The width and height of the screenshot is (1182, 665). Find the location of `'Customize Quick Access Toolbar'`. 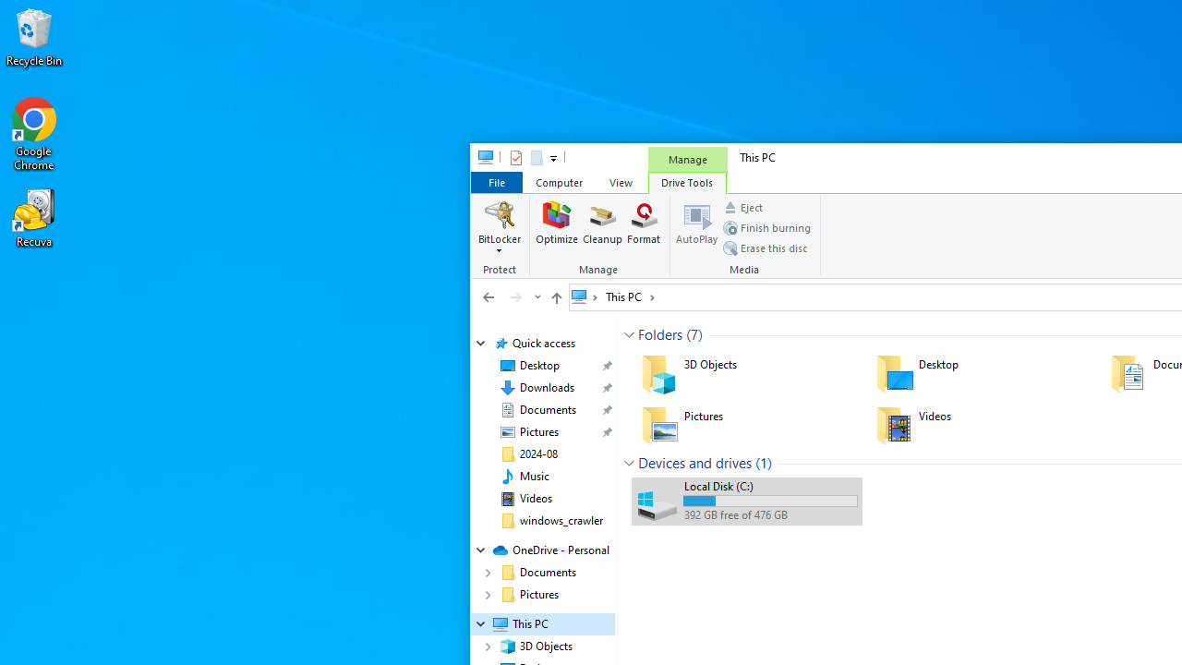

'Customize Quick Access Toolbar' is located at coordinates (552, 157).